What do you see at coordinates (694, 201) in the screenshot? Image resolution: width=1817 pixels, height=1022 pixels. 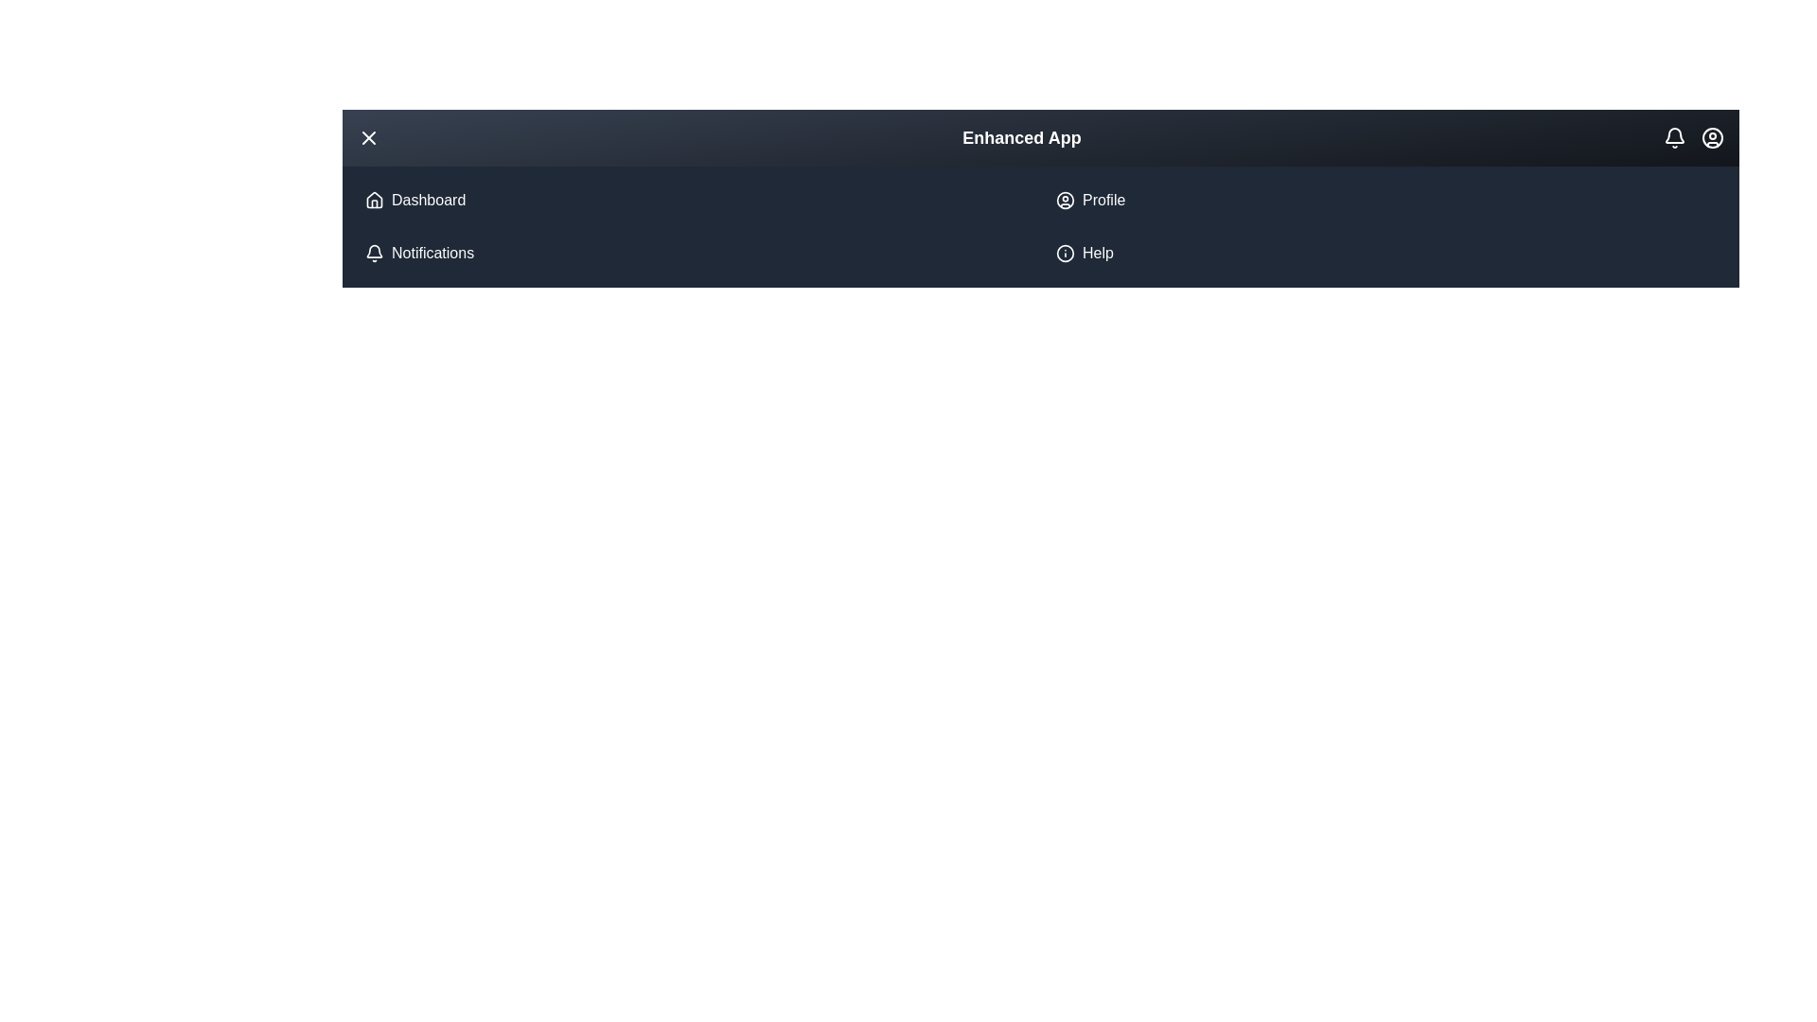 I see `the 'Dashboard' list item` at bounding box center [694, 201].